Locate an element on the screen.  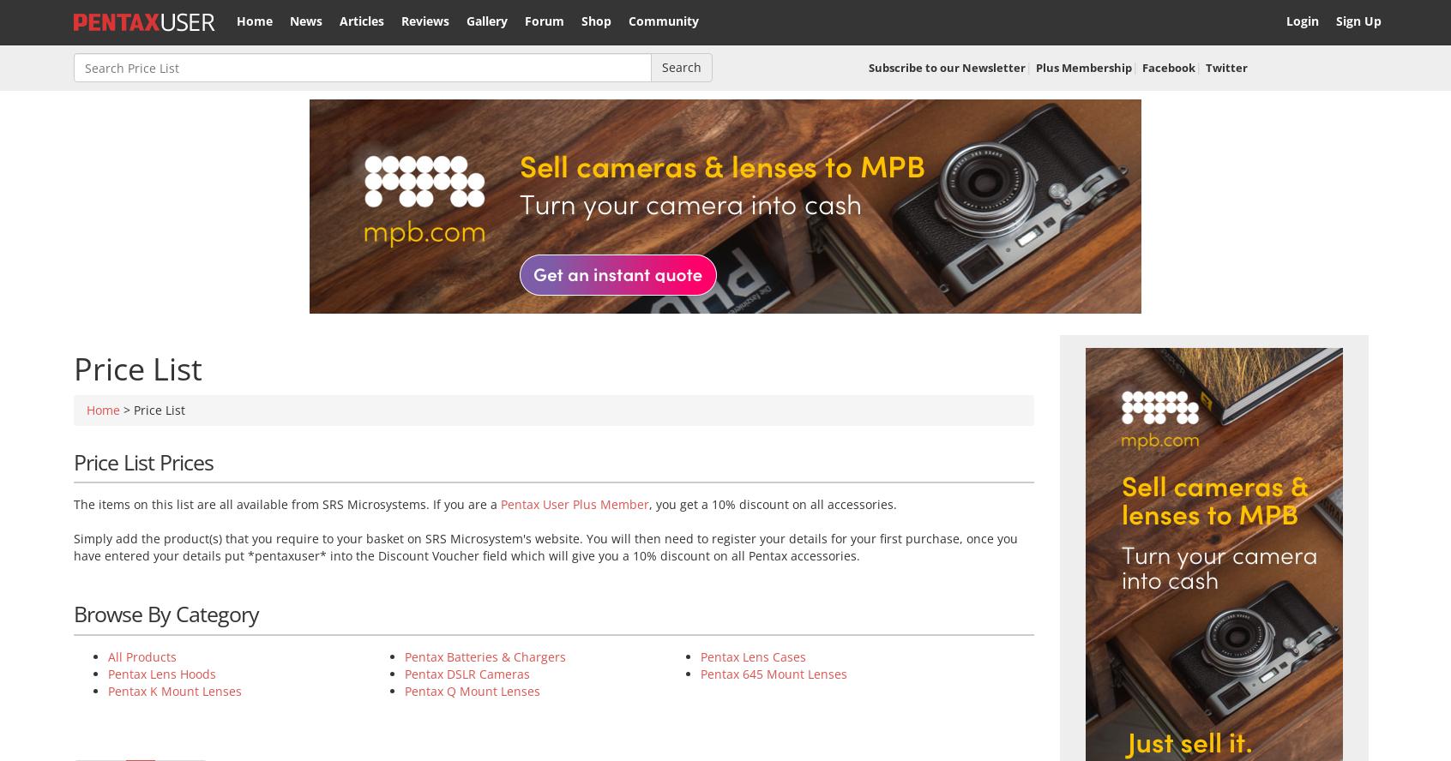
'Forum' is located at coordinates (544, 21).